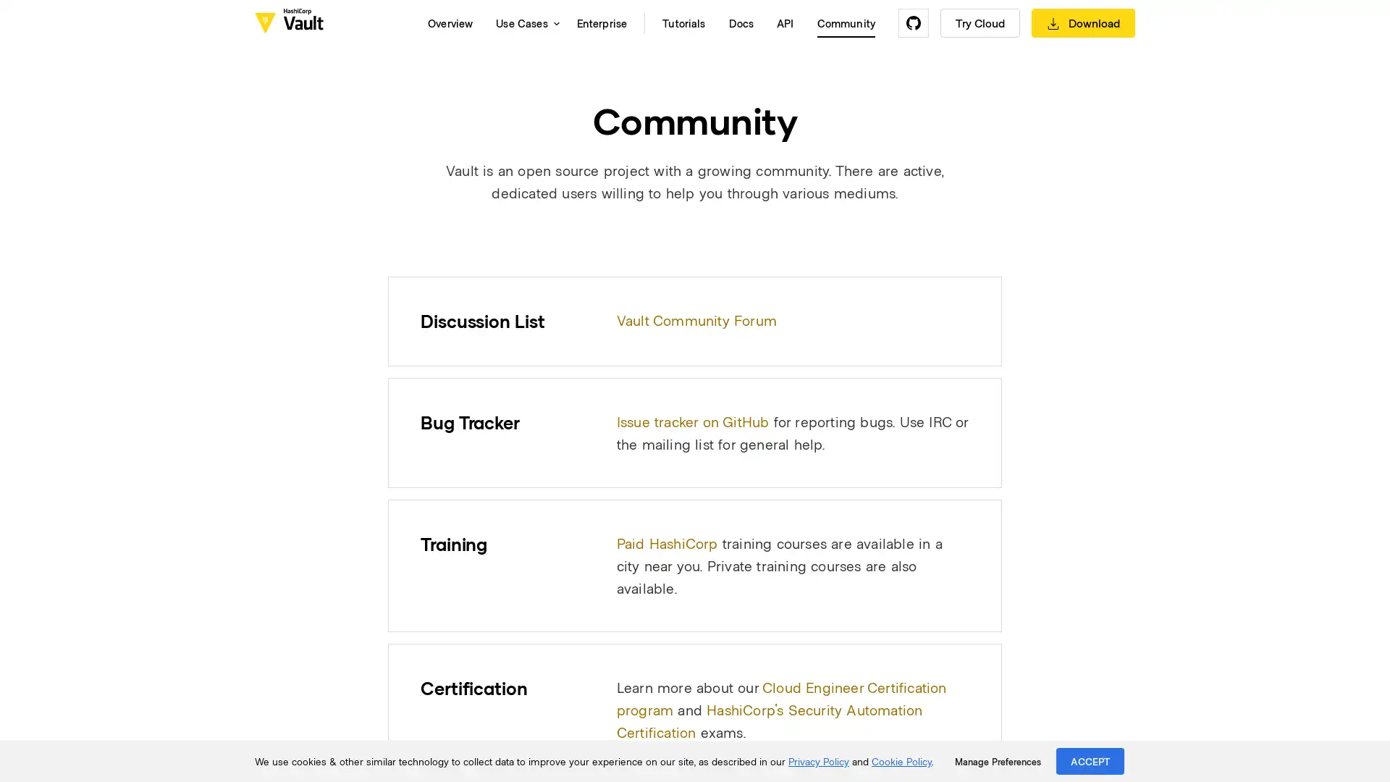 The height and width of the screenshot is (782, 1390). I want to click on Use Cases, so click(523, 22).